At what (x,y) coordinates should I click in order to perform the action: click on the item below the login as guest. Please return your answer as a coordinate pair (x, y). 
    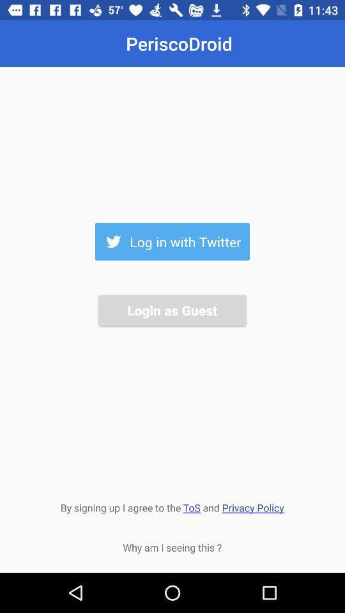
    Looking at the image, I should click on (172, 506).